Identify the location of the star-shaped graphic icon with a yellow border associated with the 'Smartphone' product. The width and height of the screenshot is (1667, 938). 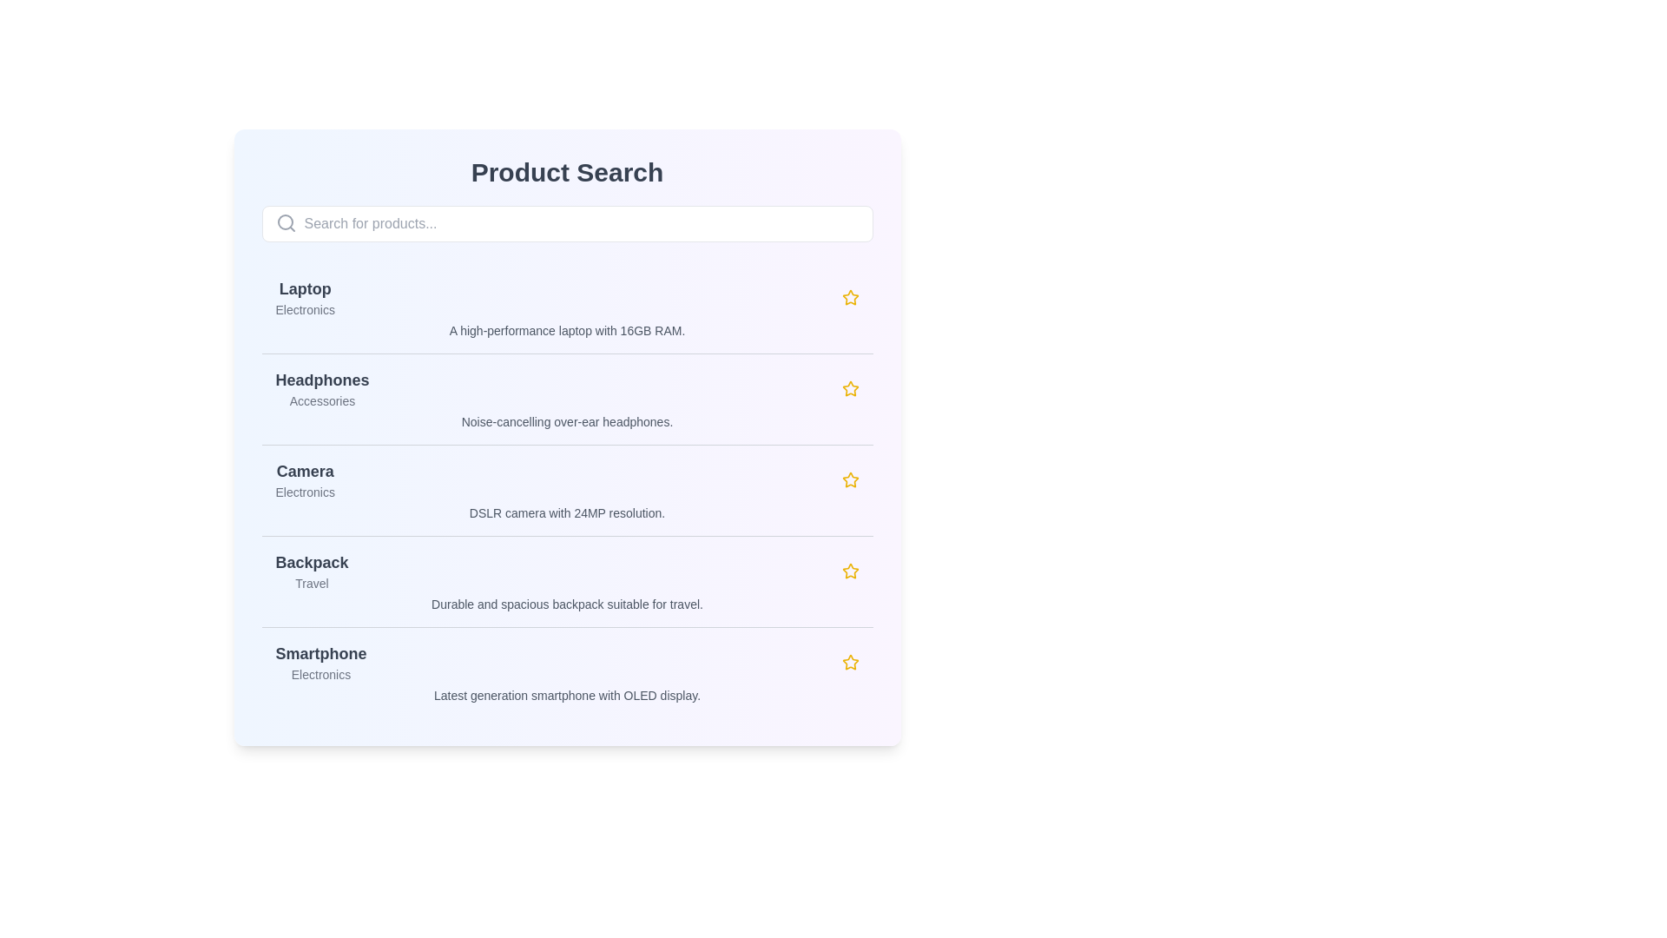
(850, 571).